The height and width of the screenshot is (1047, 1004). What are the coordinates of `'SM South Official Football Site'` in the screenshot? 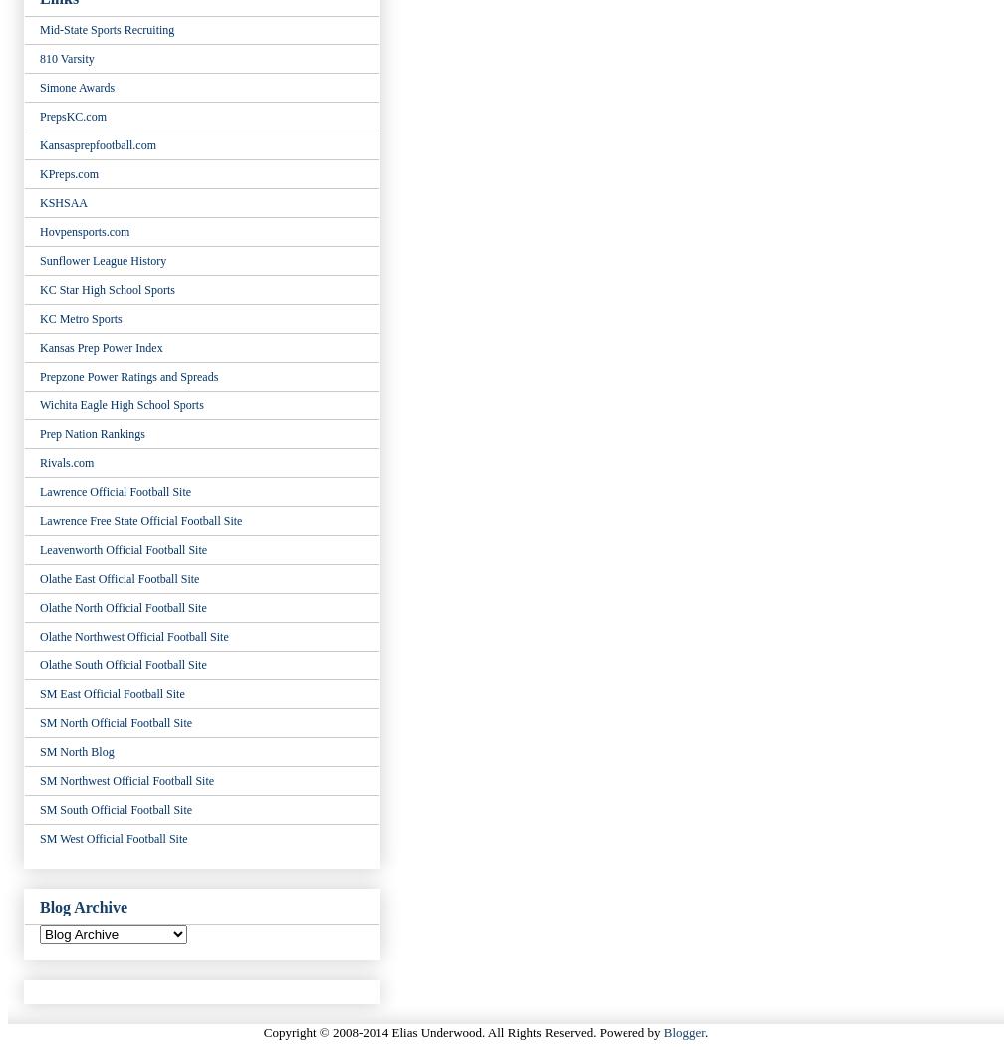 It's located at (116, 809).